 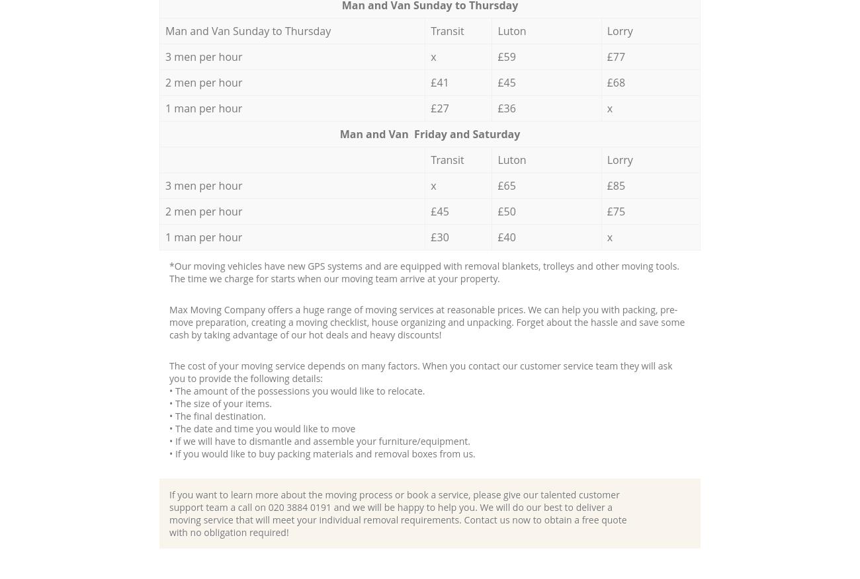 What do you see at coordinates (262, 428) in the screenshot?
I see `'• The date and time you would like to move'` at bounding box center [262, 428].